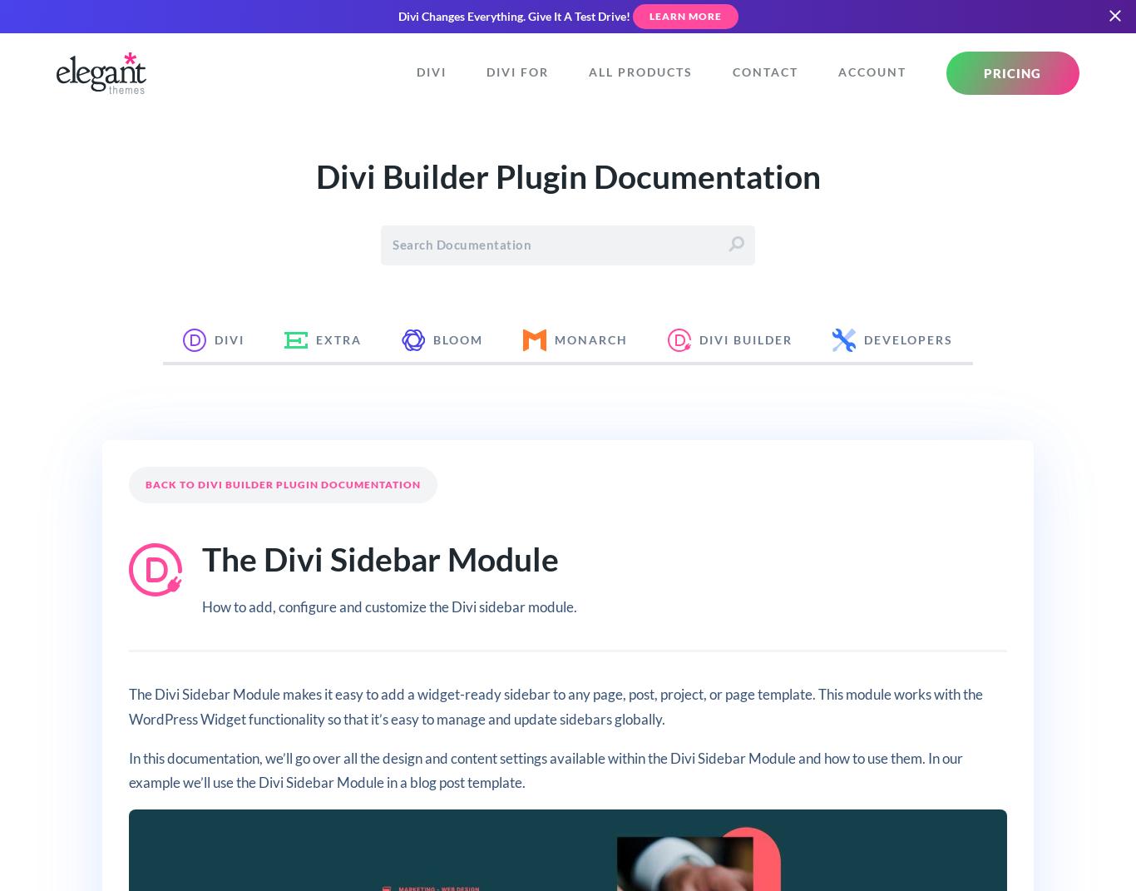 The height and width of the screenshot is (891, 1136). What do you see at coordinates (543, 345) in the screenshot?
I see `'Bring your client's ideas to life quickly and efficiently. Build any type of website with Divi.'` at bounding box center [543, 345].